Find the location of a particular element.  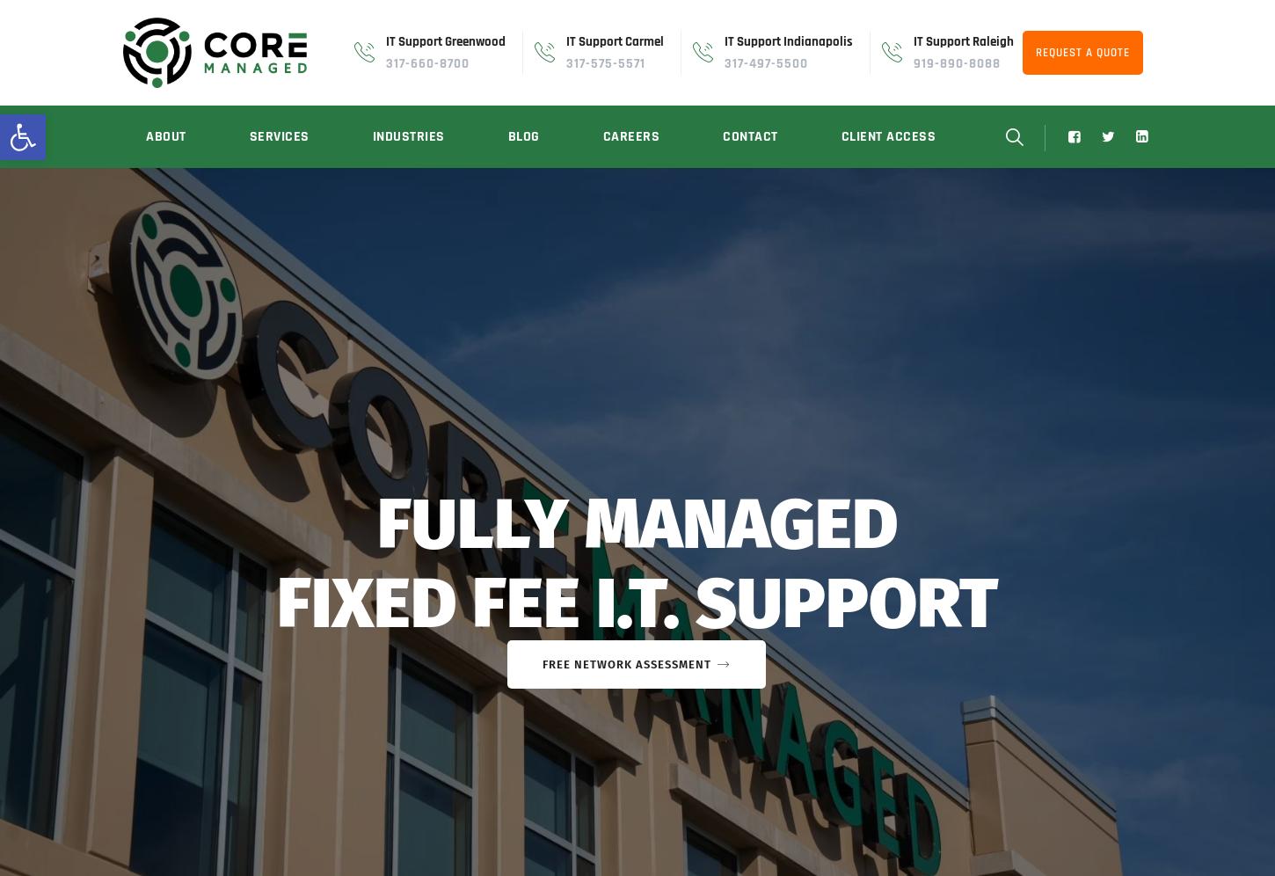

'Car Dealerships' is located at coordinates (366, 412).